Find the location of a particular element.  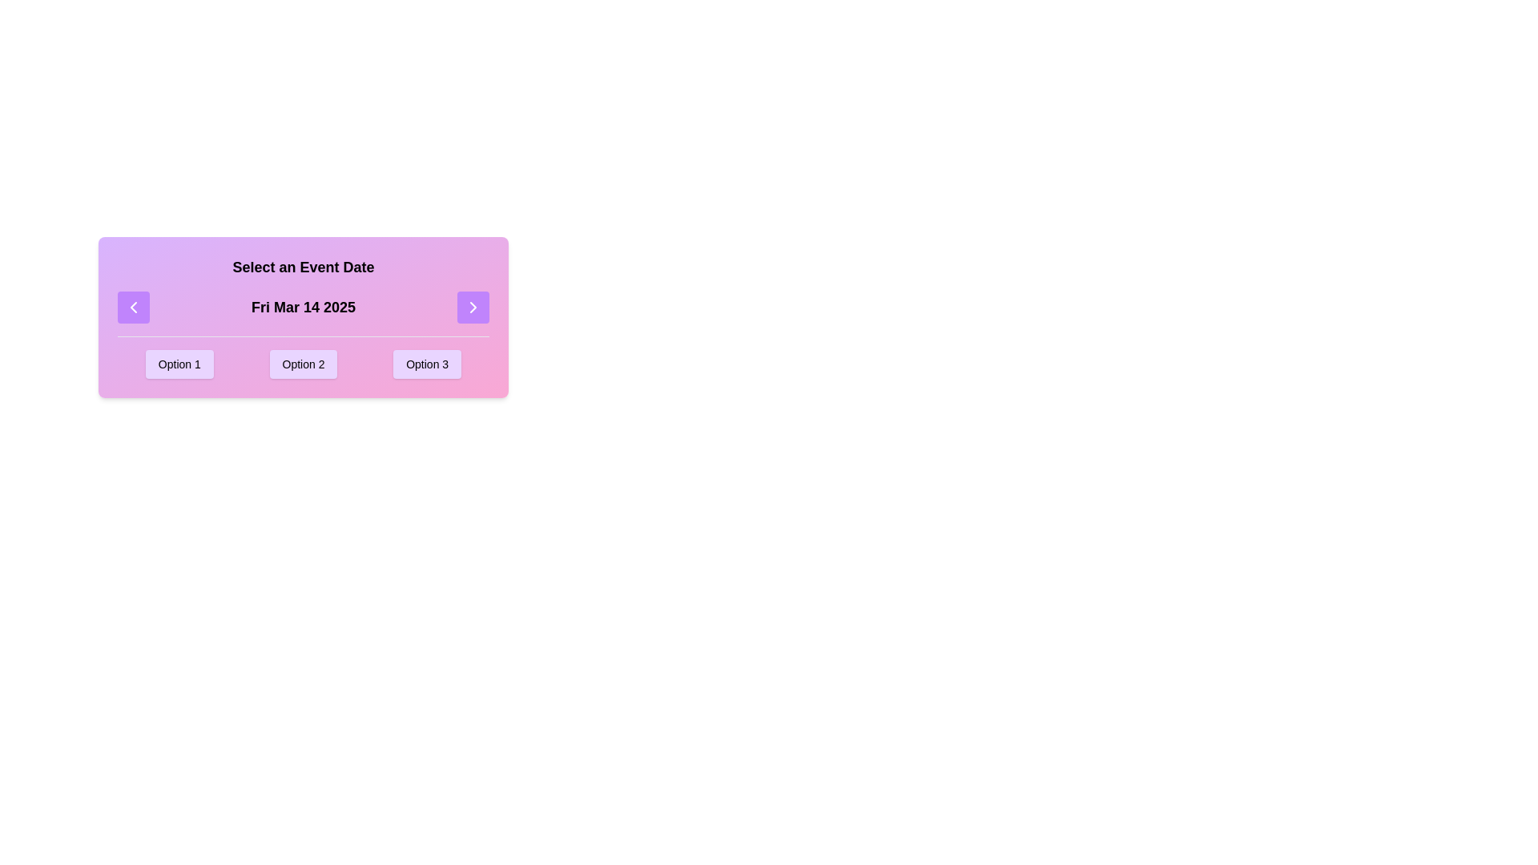

the 'Option 2' button, which is a rectangular button with rounded corners and a light purple background is located at coordinates (304, 364).